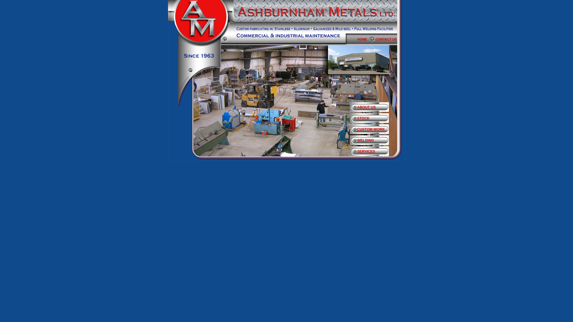  I want to click on 'CUSTOM WORK', so click(349, 130).